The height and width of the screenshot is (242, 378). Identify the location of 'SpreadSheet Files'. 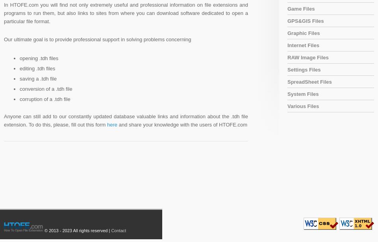
(309, 82).